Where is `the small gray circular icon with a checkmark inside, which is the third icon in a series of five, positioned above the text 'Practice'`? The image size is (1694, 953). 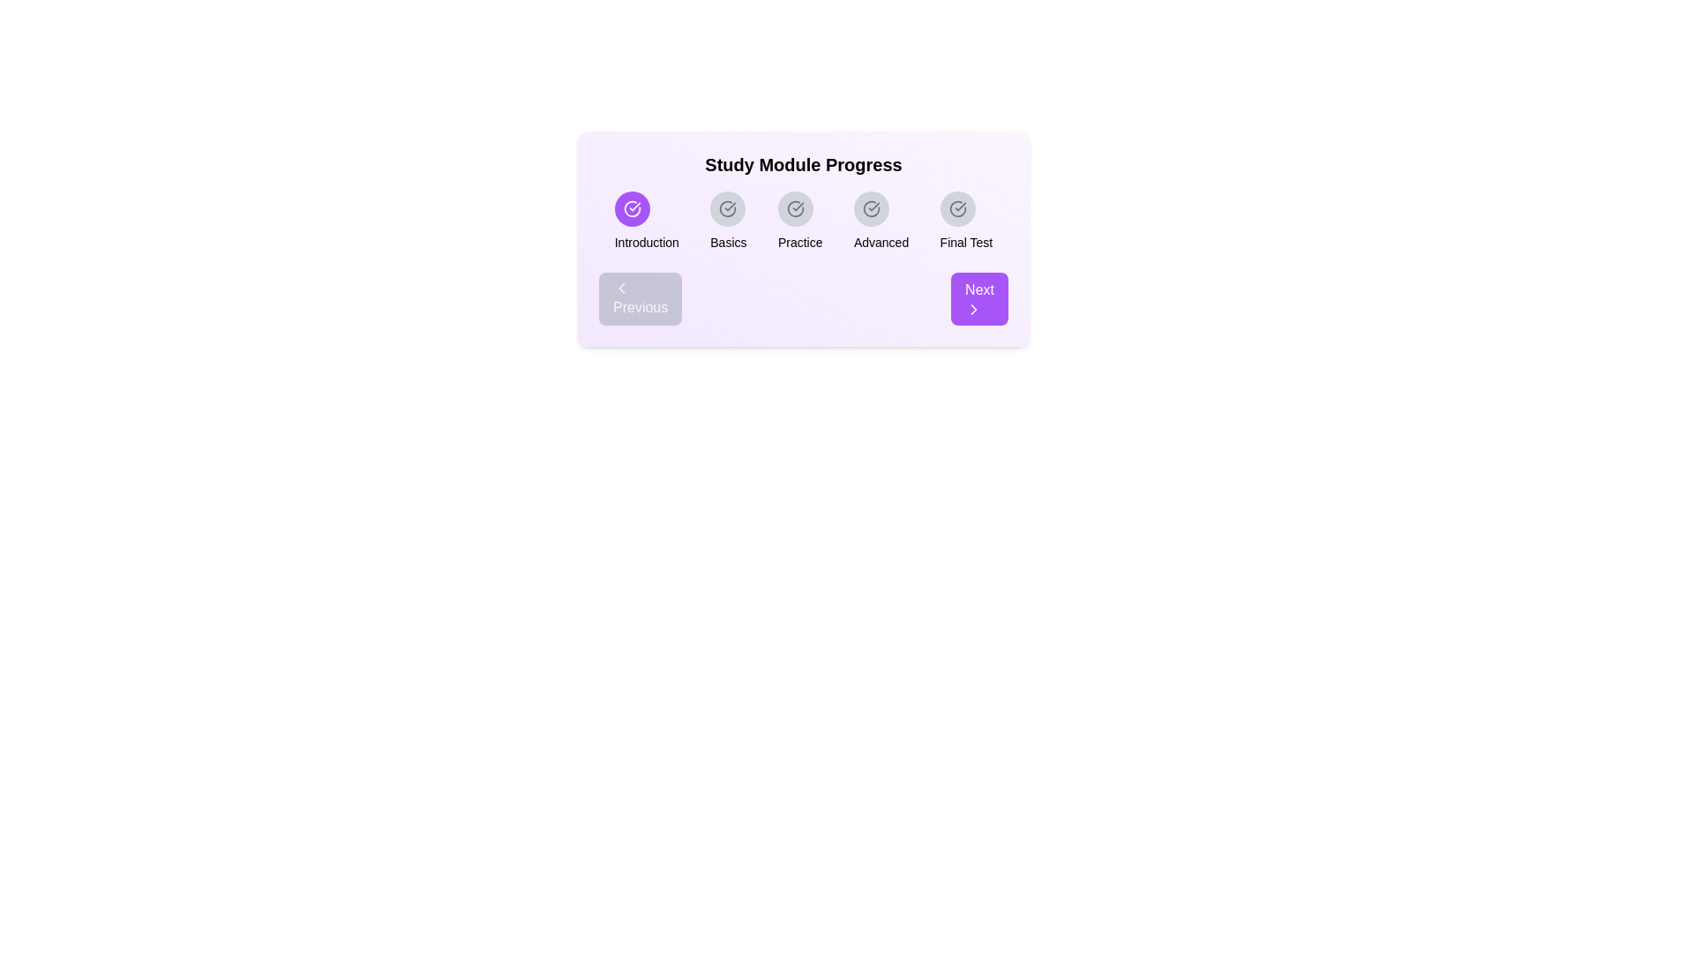
the small gray circular icon with a checkmark inside, which is the third icon in a series of five, positioned above the text 'Practice' is located at coordinates (795, 207).